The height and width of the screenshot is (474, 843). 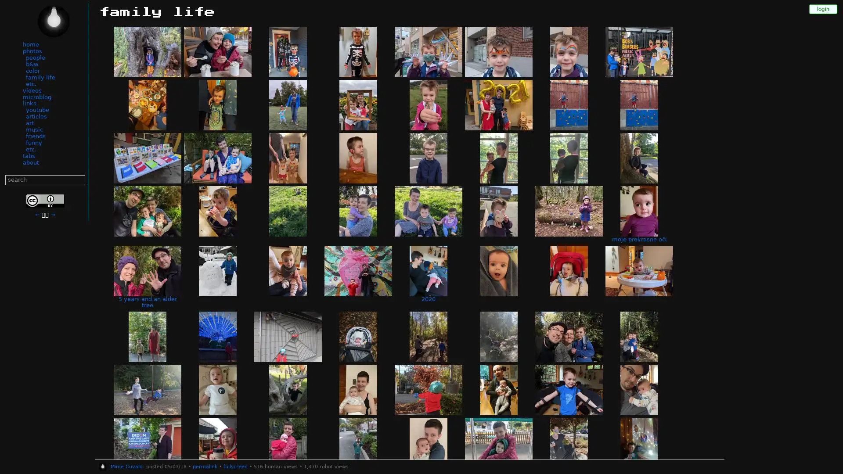 What do you see at coordinates (235, 467) in the screenshot?
I see `fullscreen` at bounding box center [235, 467].